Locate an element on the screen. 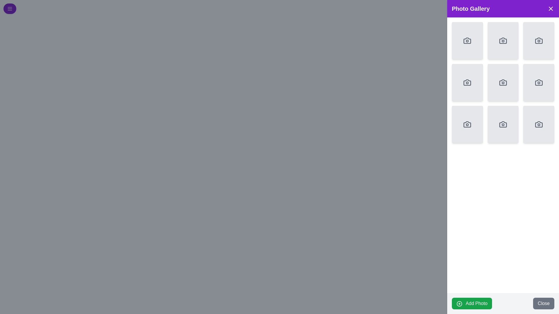 Image resolution: width=559 pixels, height=314 pixels. the photo placeholder icon located in the top-left corner of a 3x3 grid of identical buttons is located at coordinates (467, 40).